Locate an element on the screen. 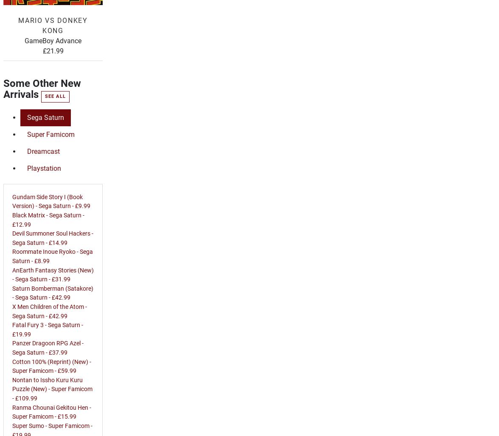 The image size is (499, 436). 'Gundam Side Story I (Book Version) - Sega Saturn - £9.99' is located at coordinates (51, 201).